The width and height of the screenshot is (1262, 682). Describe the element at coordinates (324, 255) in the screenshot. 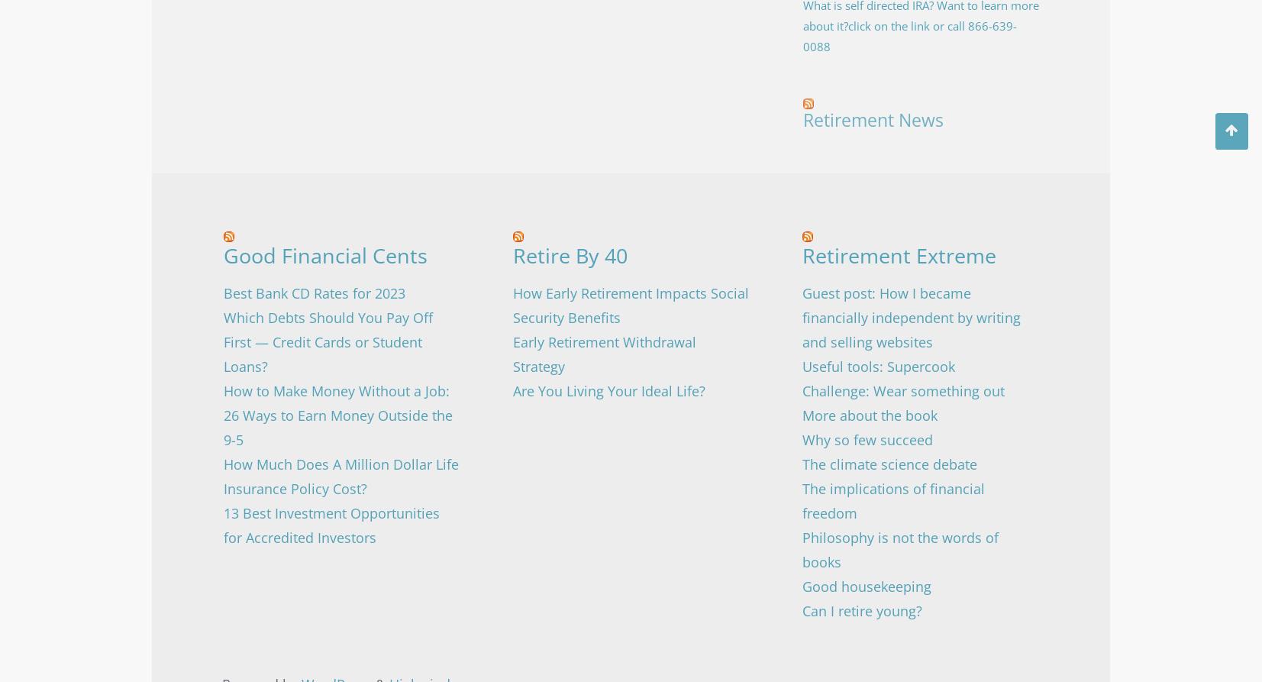

I see `'Good Financial Cents'` at that location.